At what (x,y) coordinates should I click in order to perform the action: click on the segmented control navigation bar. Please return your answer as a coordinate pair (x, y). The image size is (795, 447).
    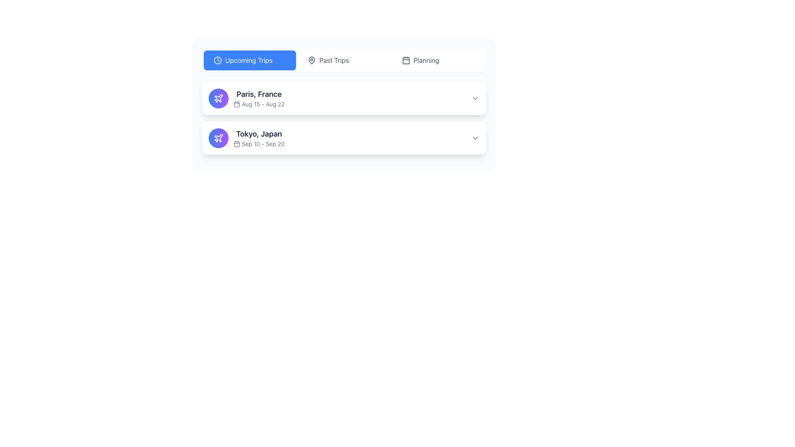
    Looking at the image, I should click on (344, 60).